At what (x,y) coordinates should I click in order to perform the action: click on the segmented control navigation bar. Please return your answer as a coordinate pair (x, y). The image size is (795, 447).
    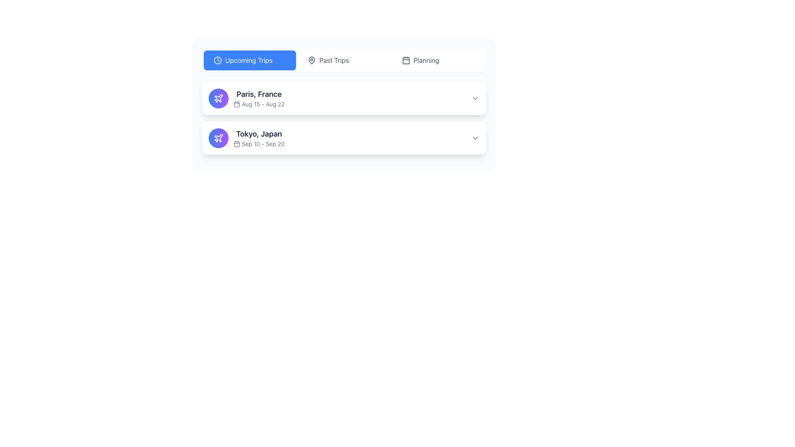
    Looking at the image, I should click on (344, 60).